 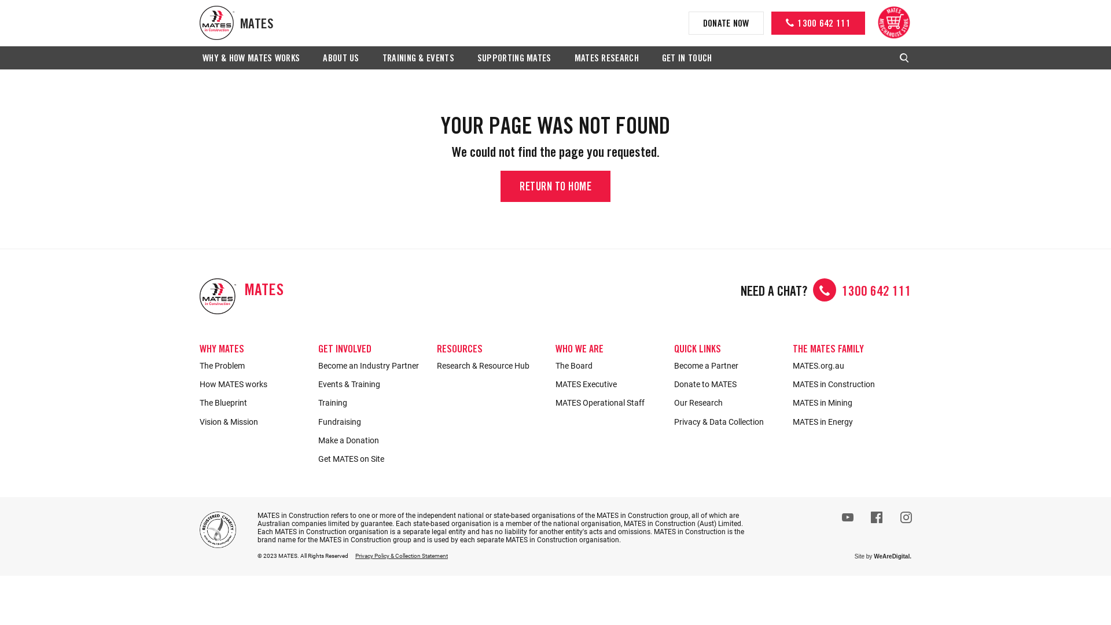 What do you see at coordinates (727, 402) in the screenshot?
I see `'Our Research'` at bounding box center [727, 402].